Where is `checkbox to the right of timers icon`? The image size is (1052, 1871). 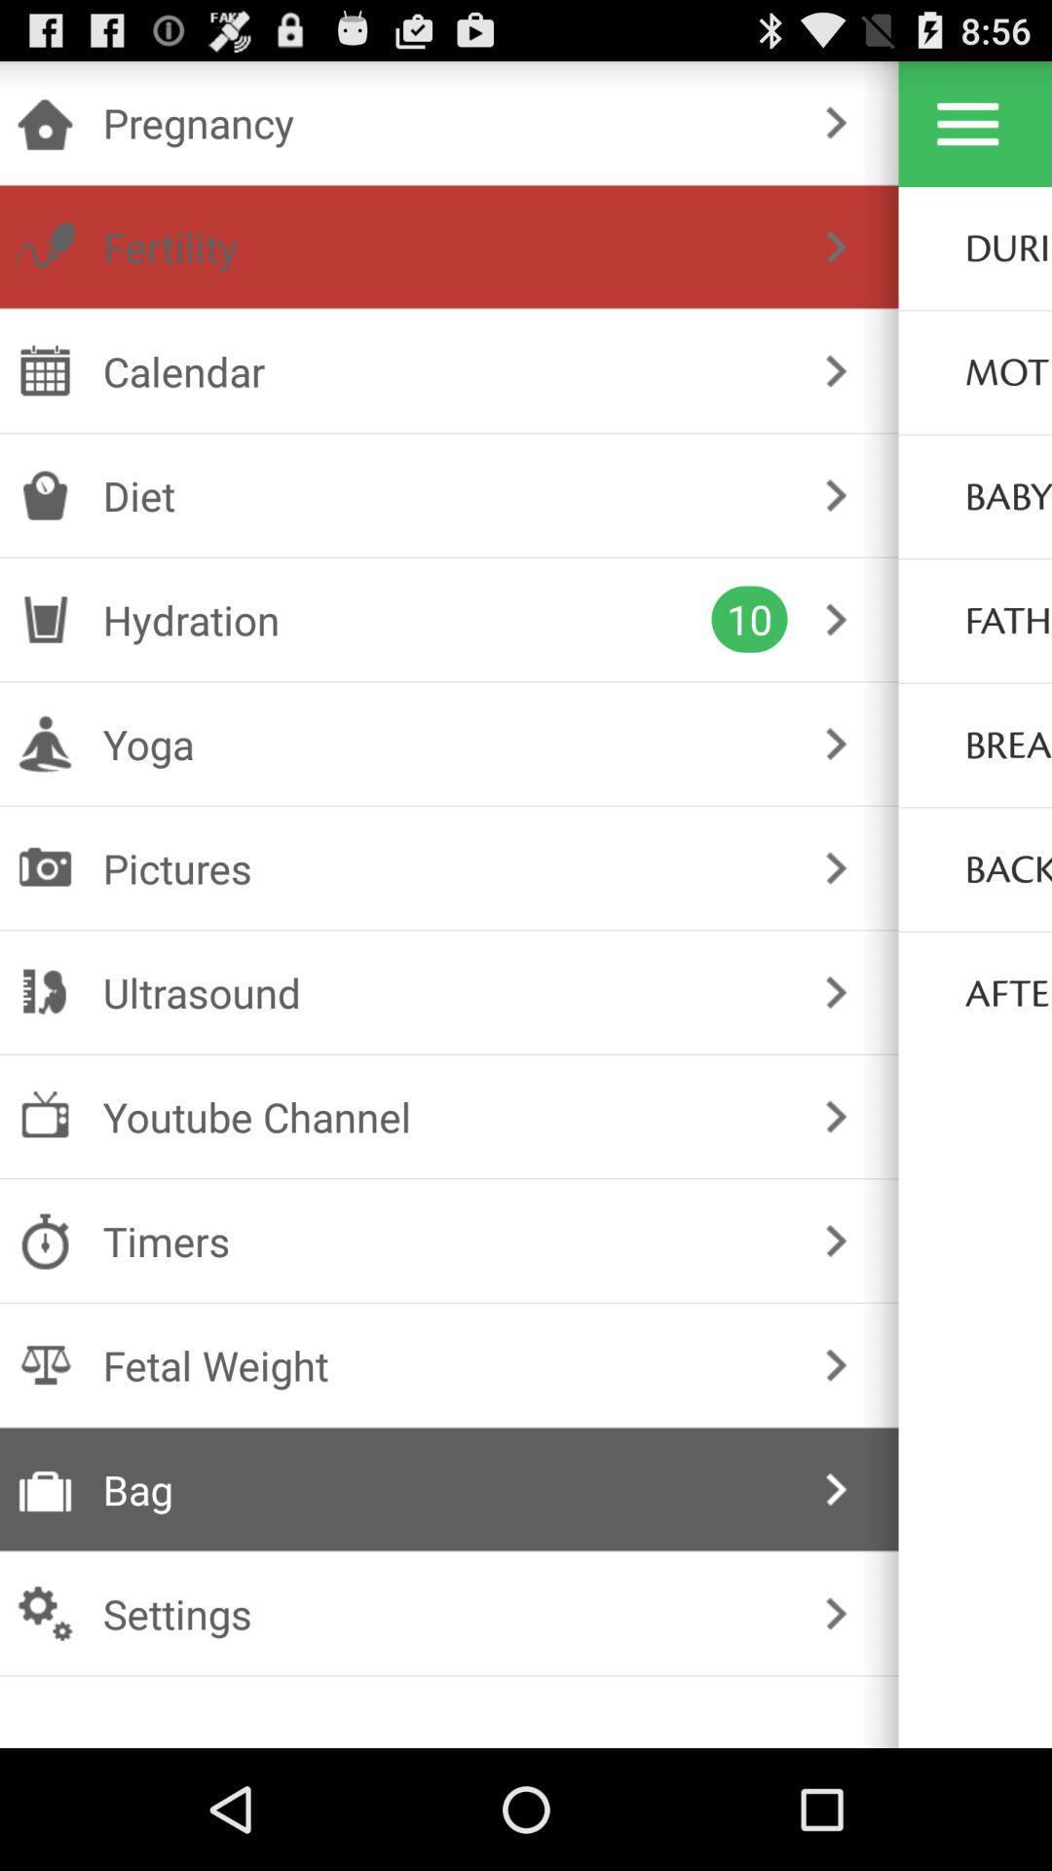
checkbox to the right of timers icon is located at coordinates (835, 1240).